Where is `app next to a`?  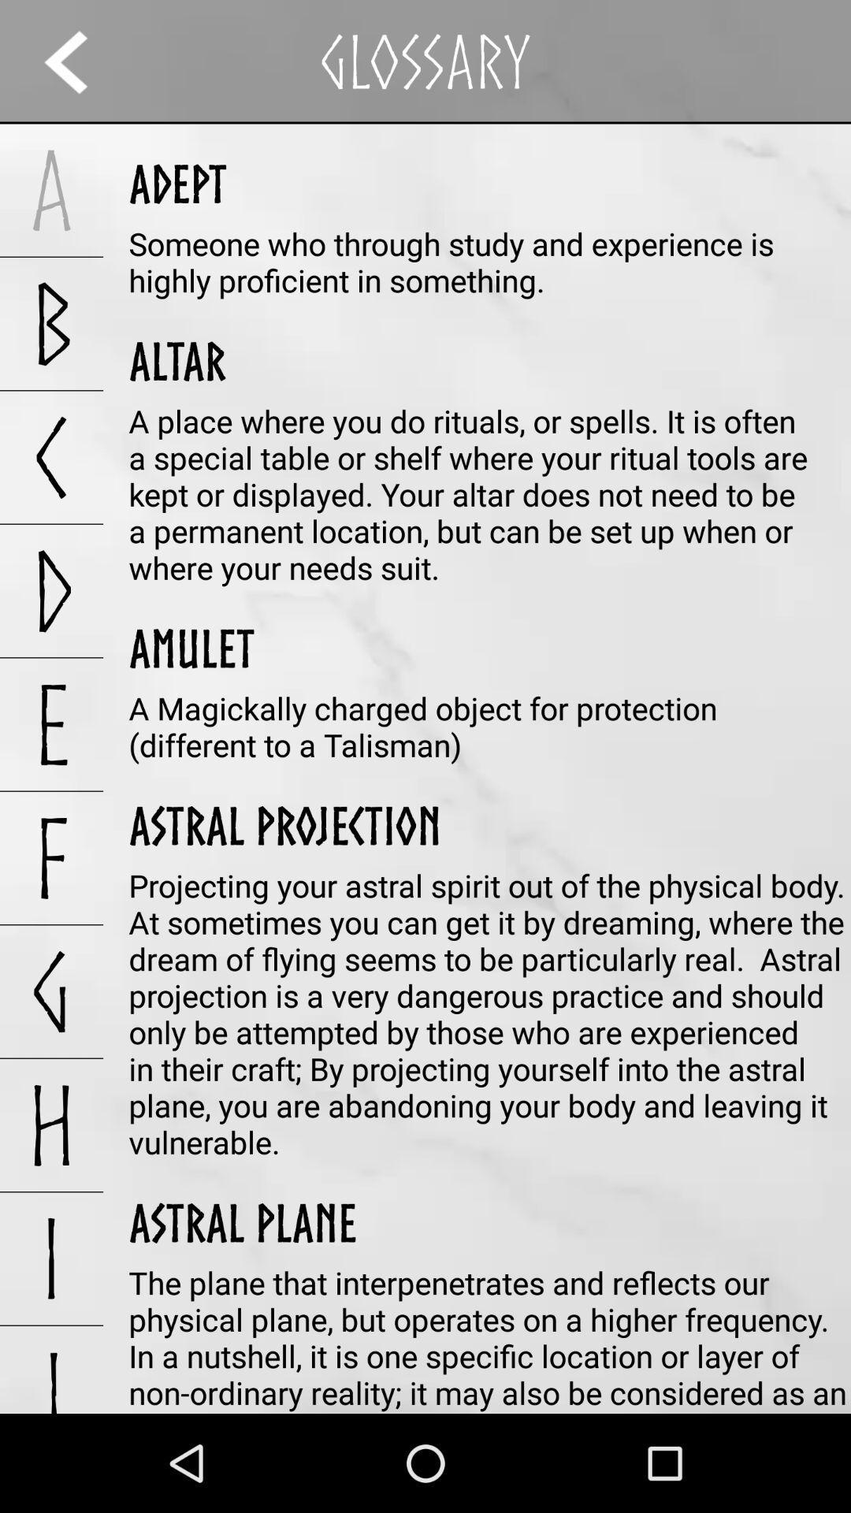
app next to a is located at coordinates (177, 184).